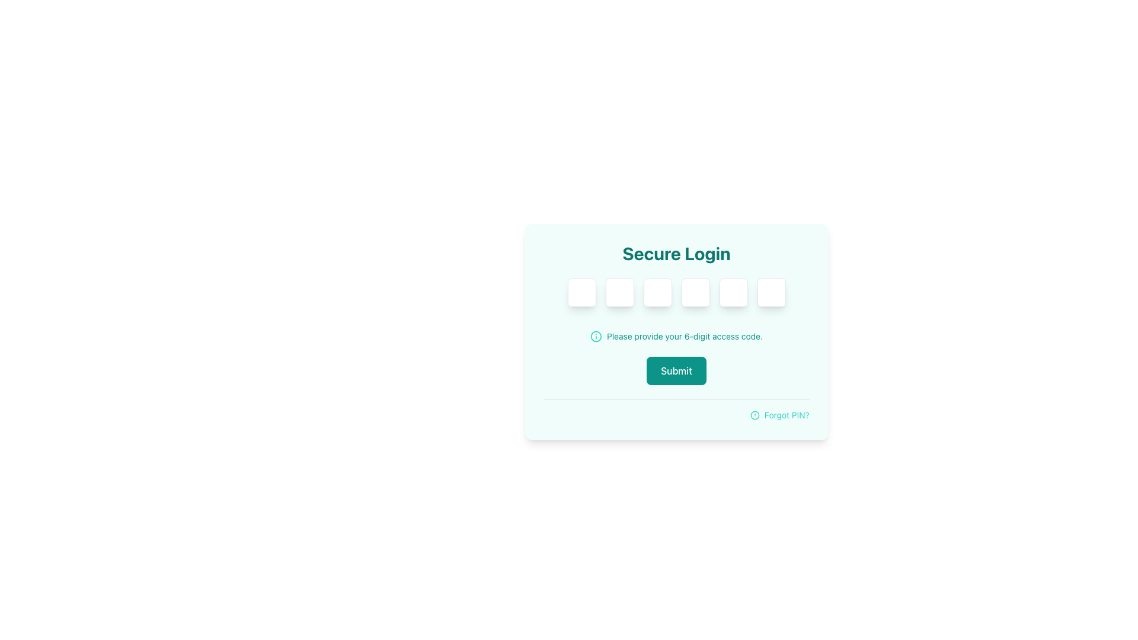 The image size is (1138, 640). What do you see at coordinates (754, 415) in the screenshot?
I see `SVG circle element located within the bottom-right corner of the alert icon, which is positioned to the right of the 'Forgot PIN?' link below the 'Submit' button on the Secure Login form` at bounding box center [754, 415].